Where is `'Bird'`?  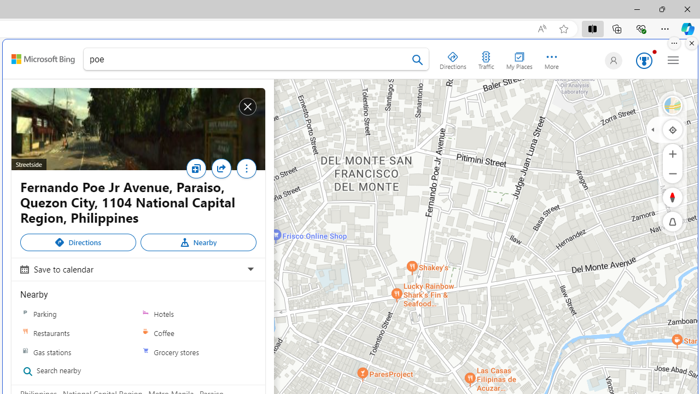
'Bird' is located at coordinates (672, 105).